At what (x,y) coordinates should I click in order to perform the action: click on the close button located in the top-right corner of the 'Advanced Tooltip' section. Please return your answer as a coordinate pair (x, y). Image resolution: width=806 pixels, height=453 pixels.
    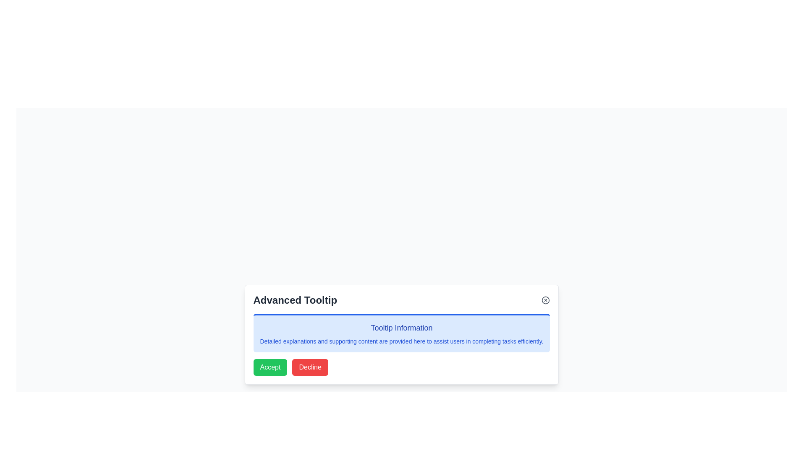
    Looking at the image, I should click on (546, 300).